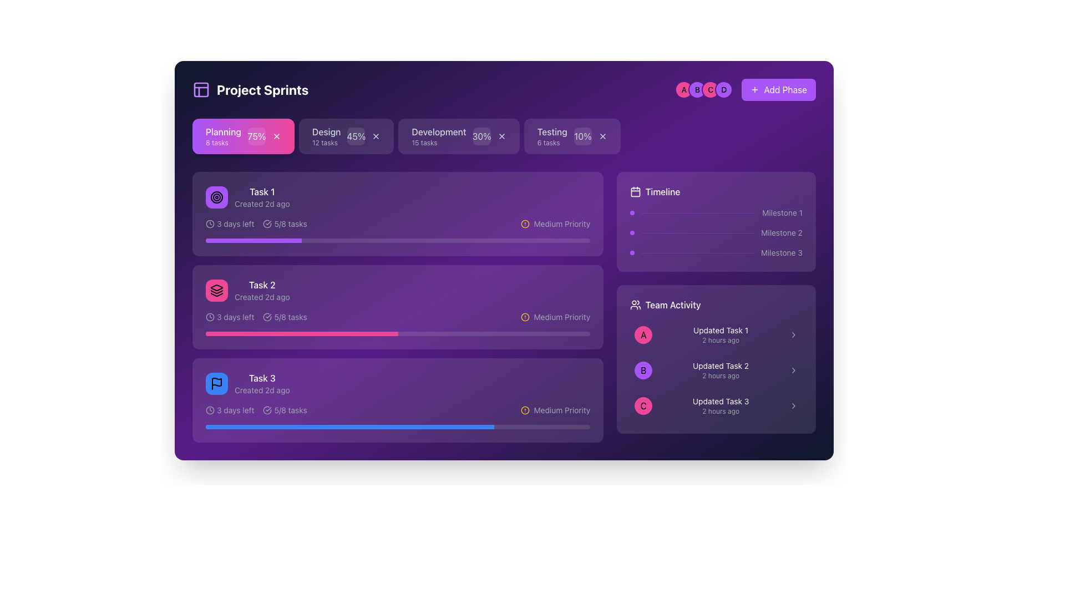 Image resolution: width=1065 pixels, height=599 pixels. What do you see at coordinates (267, 224) in the screenshot?
I see `the completed tasks icon located to the left of the text '5/8 tasks' in the Task 1 segment` at bounding box center [267, 224].